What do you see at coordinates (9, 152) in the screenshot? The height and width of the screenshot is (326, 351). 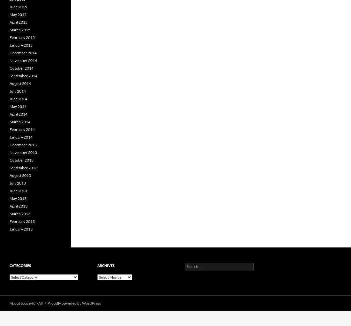 I see `'November 2013'` at bounding box center [9, 152].